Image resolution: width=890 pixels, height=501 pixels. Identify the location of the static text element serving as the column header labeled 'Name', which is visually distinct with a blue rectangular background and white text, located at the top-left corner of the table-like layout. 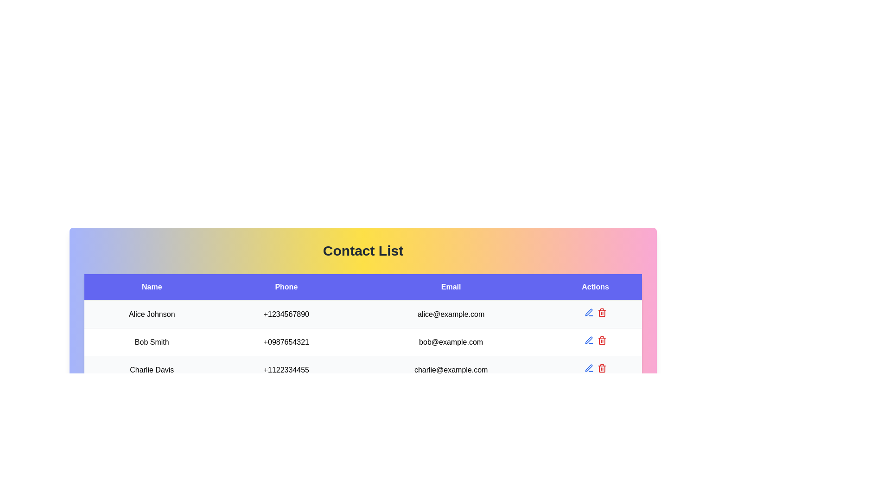
(152, 287).